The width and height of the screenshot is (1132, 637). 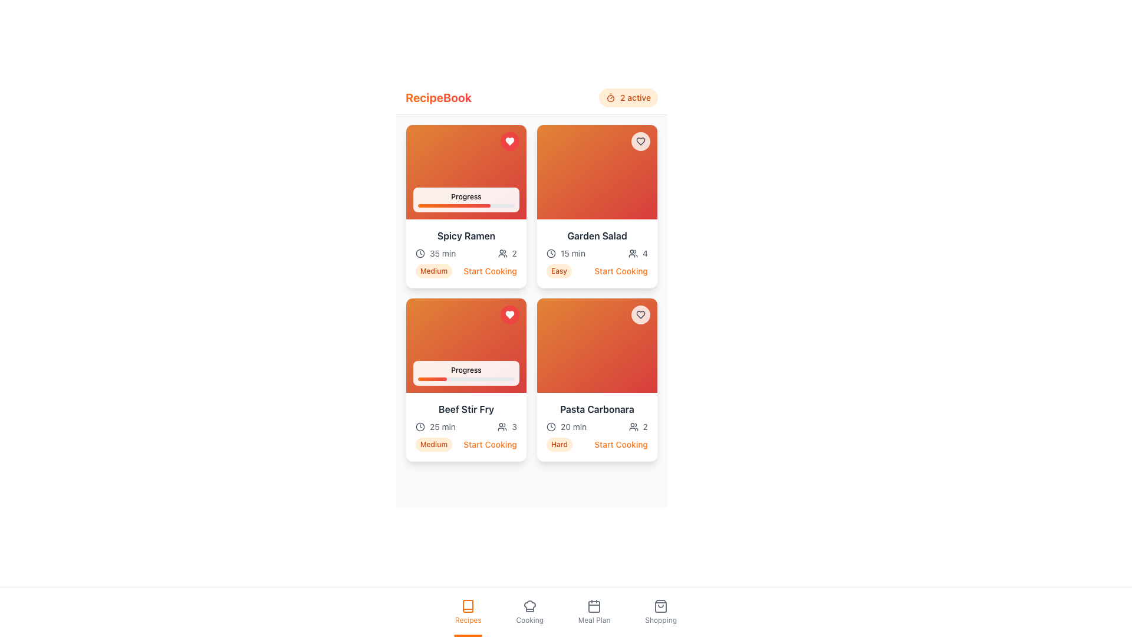 I want to click on the progress level indicated by the Progress Indicator located at the bottom section of the 'Beef Stir Fry' card in the second row, first column of the grid layout, so click(x=466, y=373).